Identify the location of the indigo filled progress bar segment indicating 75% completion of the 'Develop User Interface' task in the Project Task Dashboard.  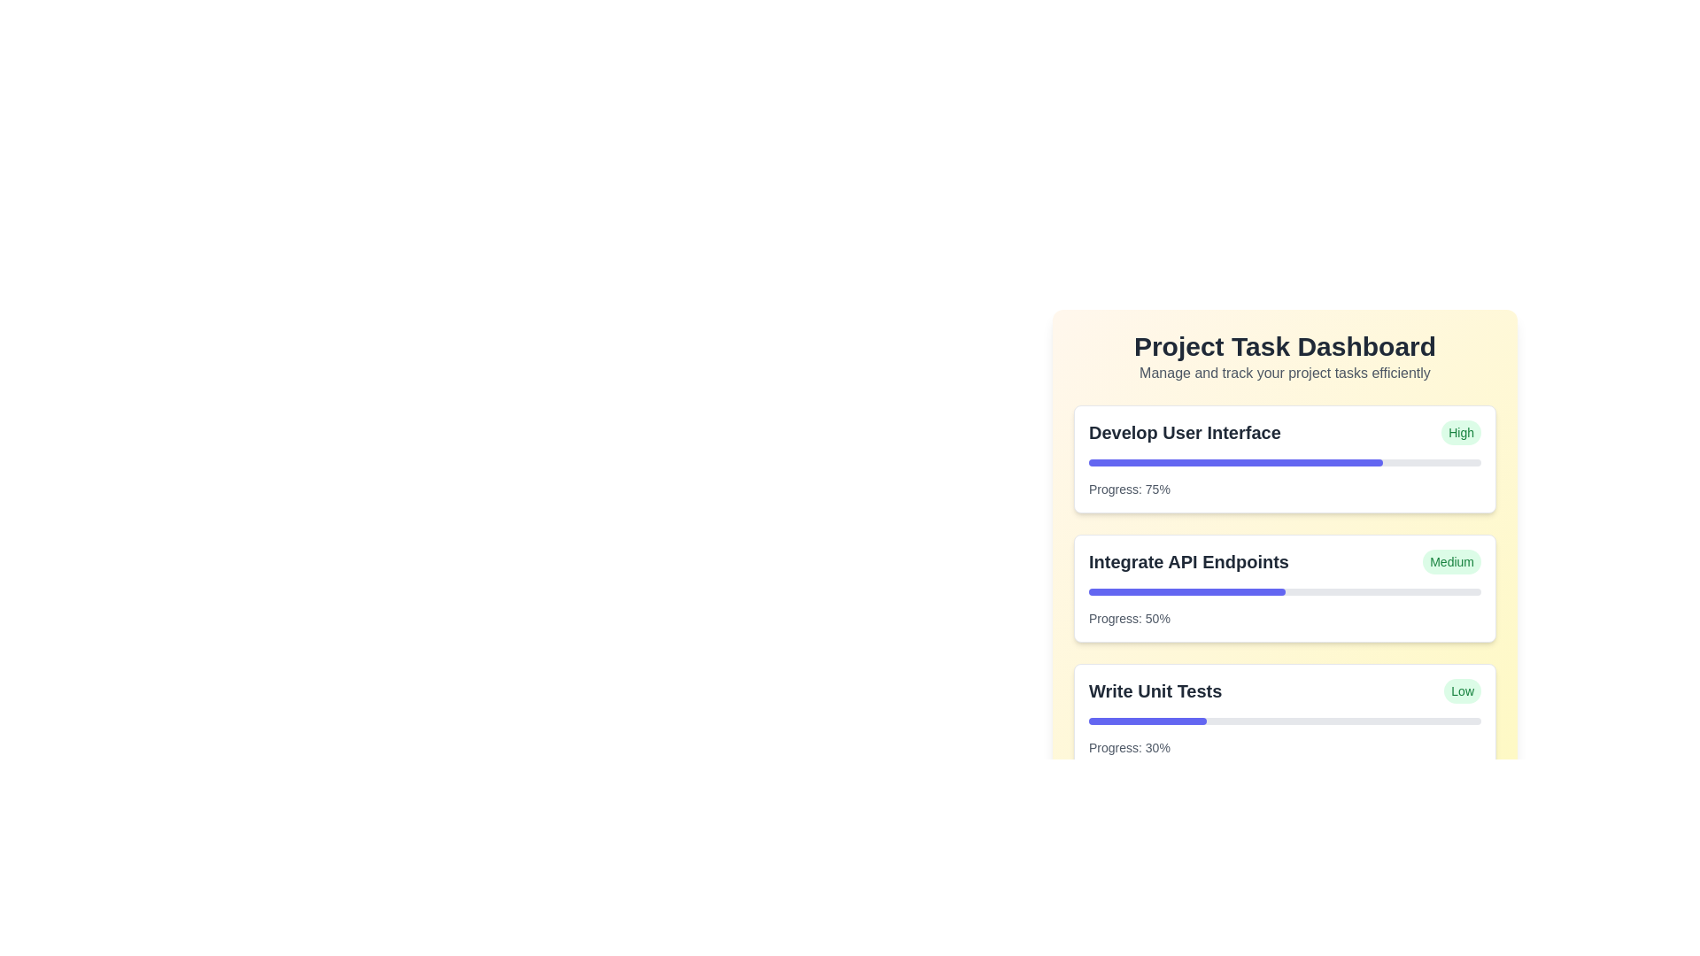
(1235, 462).